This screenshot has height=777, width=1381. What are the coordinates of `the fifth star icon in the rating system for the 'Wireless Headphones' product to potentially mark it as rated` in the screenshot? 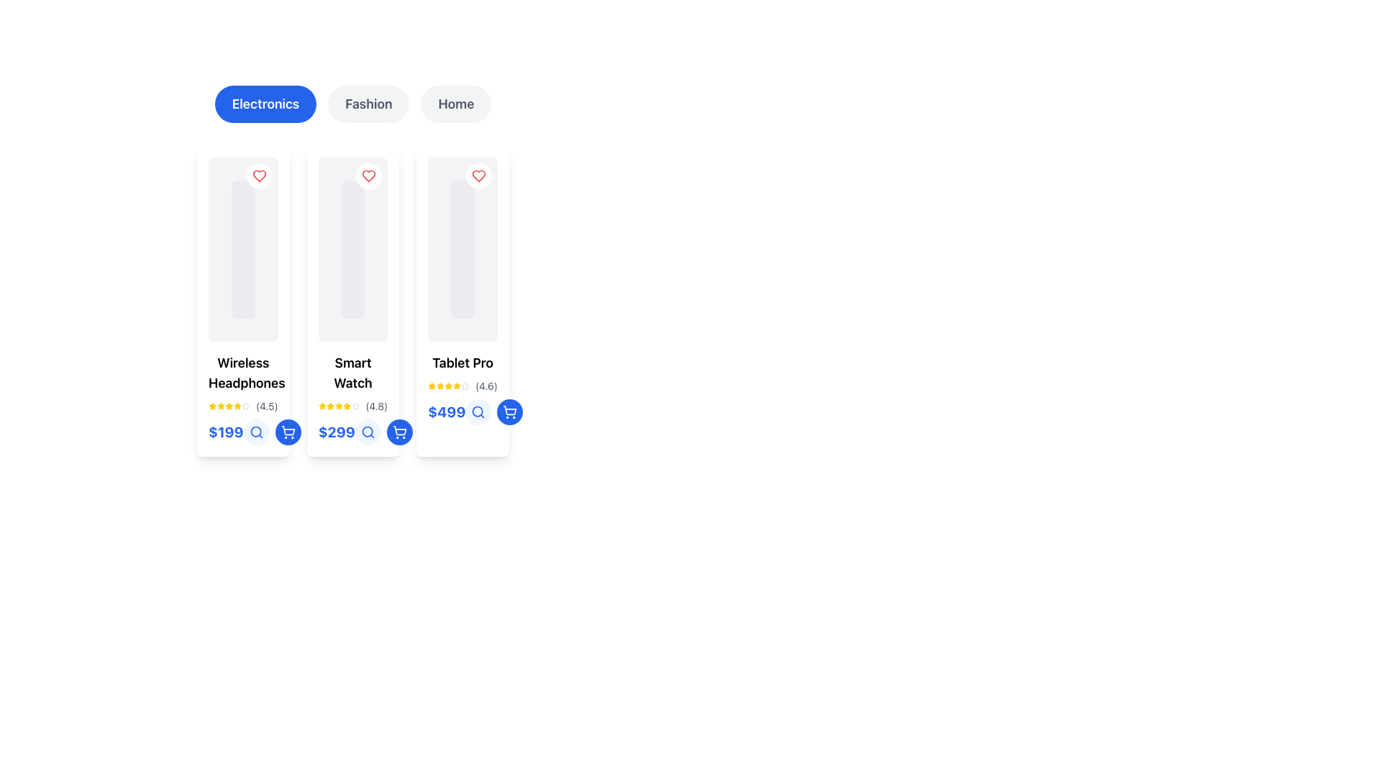 It's located at (245, 406).